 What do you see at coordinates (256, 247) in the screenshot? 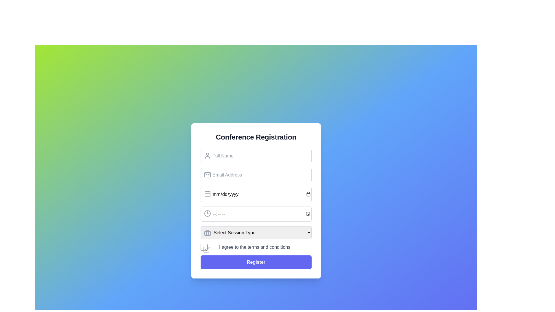
I see `the checkbox labeled 'I agree to the terms and conditions'` at bounding box center [256, 247].